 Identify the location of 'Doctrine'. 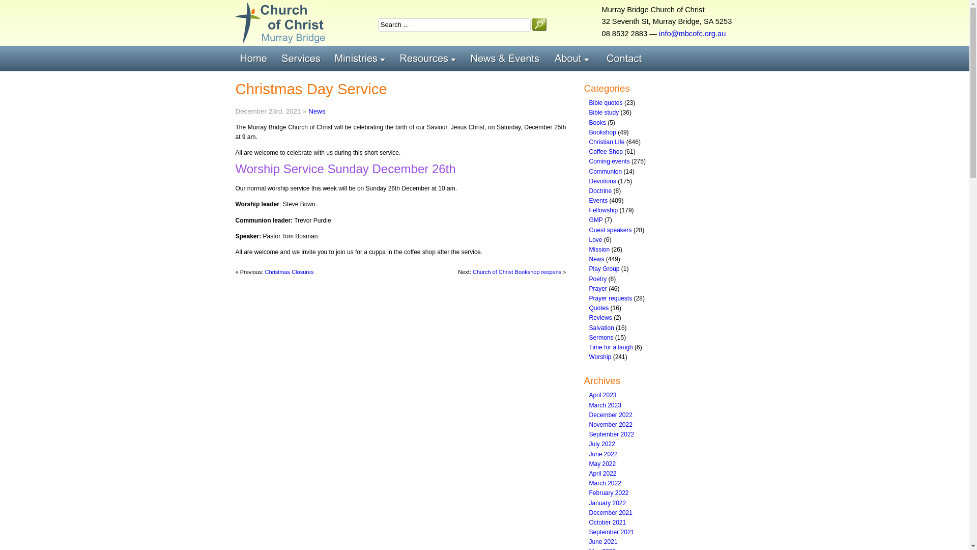
(600, 190).